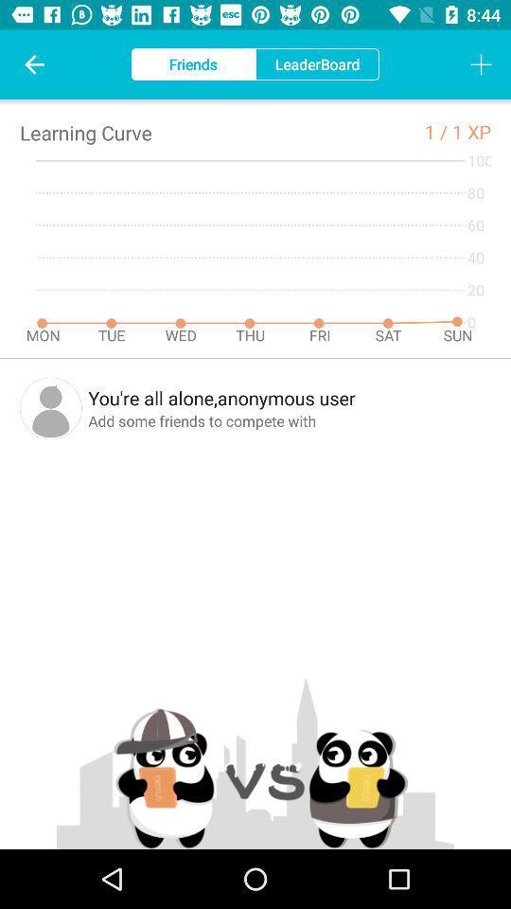 This screenshot has height=909, width=511. Describe the element at coordinates (290, 397) in the screenshot. I see `the you re all item` at that location.